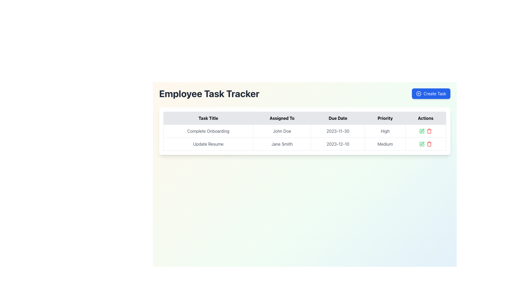 The image size is (506, 285). I want to click on text content of the 'Assigned To' table header, which is the second column header in the table, displayed in bold black font on a light gray background, so click(282, 118).